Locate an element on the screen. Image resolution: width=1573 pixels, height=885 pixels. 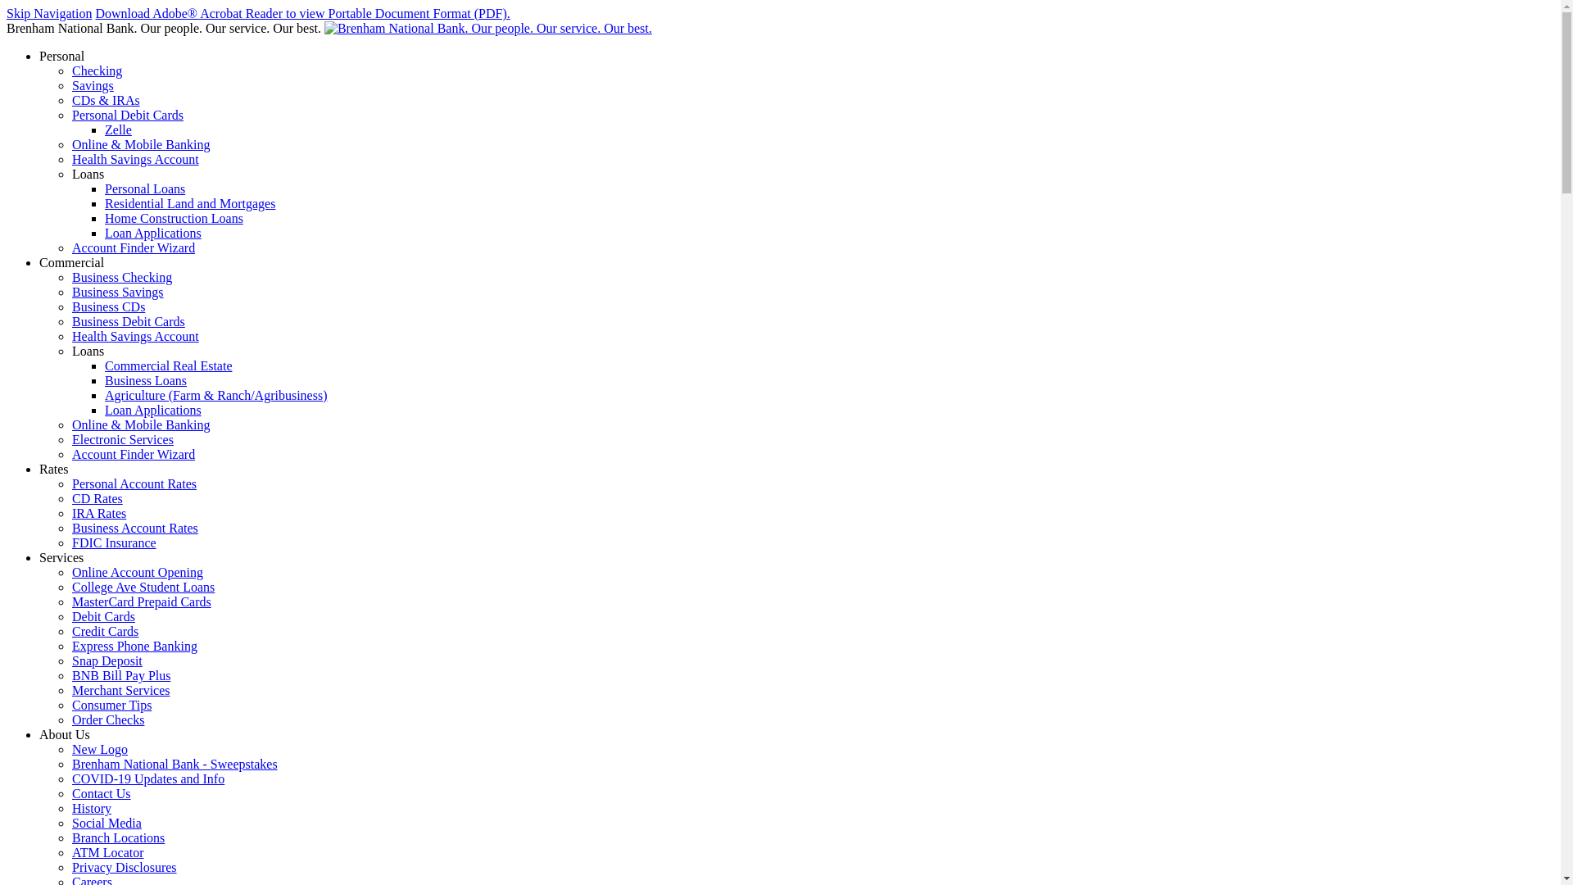
'Personal Loans' is located at coordinates (104, 188).